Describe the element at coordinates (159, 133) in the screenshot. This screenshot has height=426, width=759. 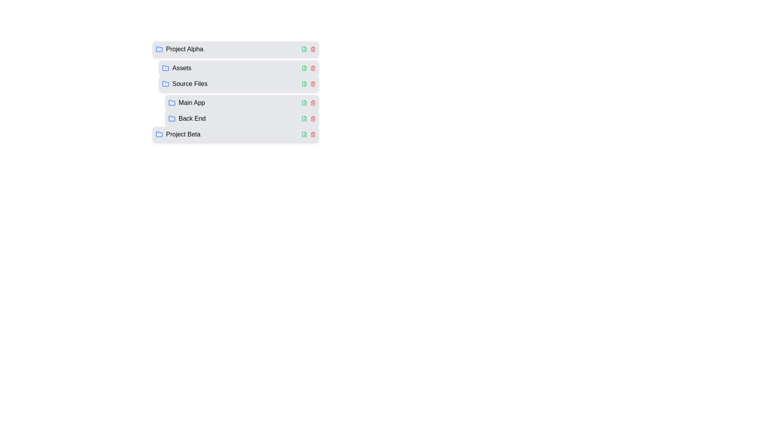
I see `the folder icon representing 'Project Beta'` at that location.